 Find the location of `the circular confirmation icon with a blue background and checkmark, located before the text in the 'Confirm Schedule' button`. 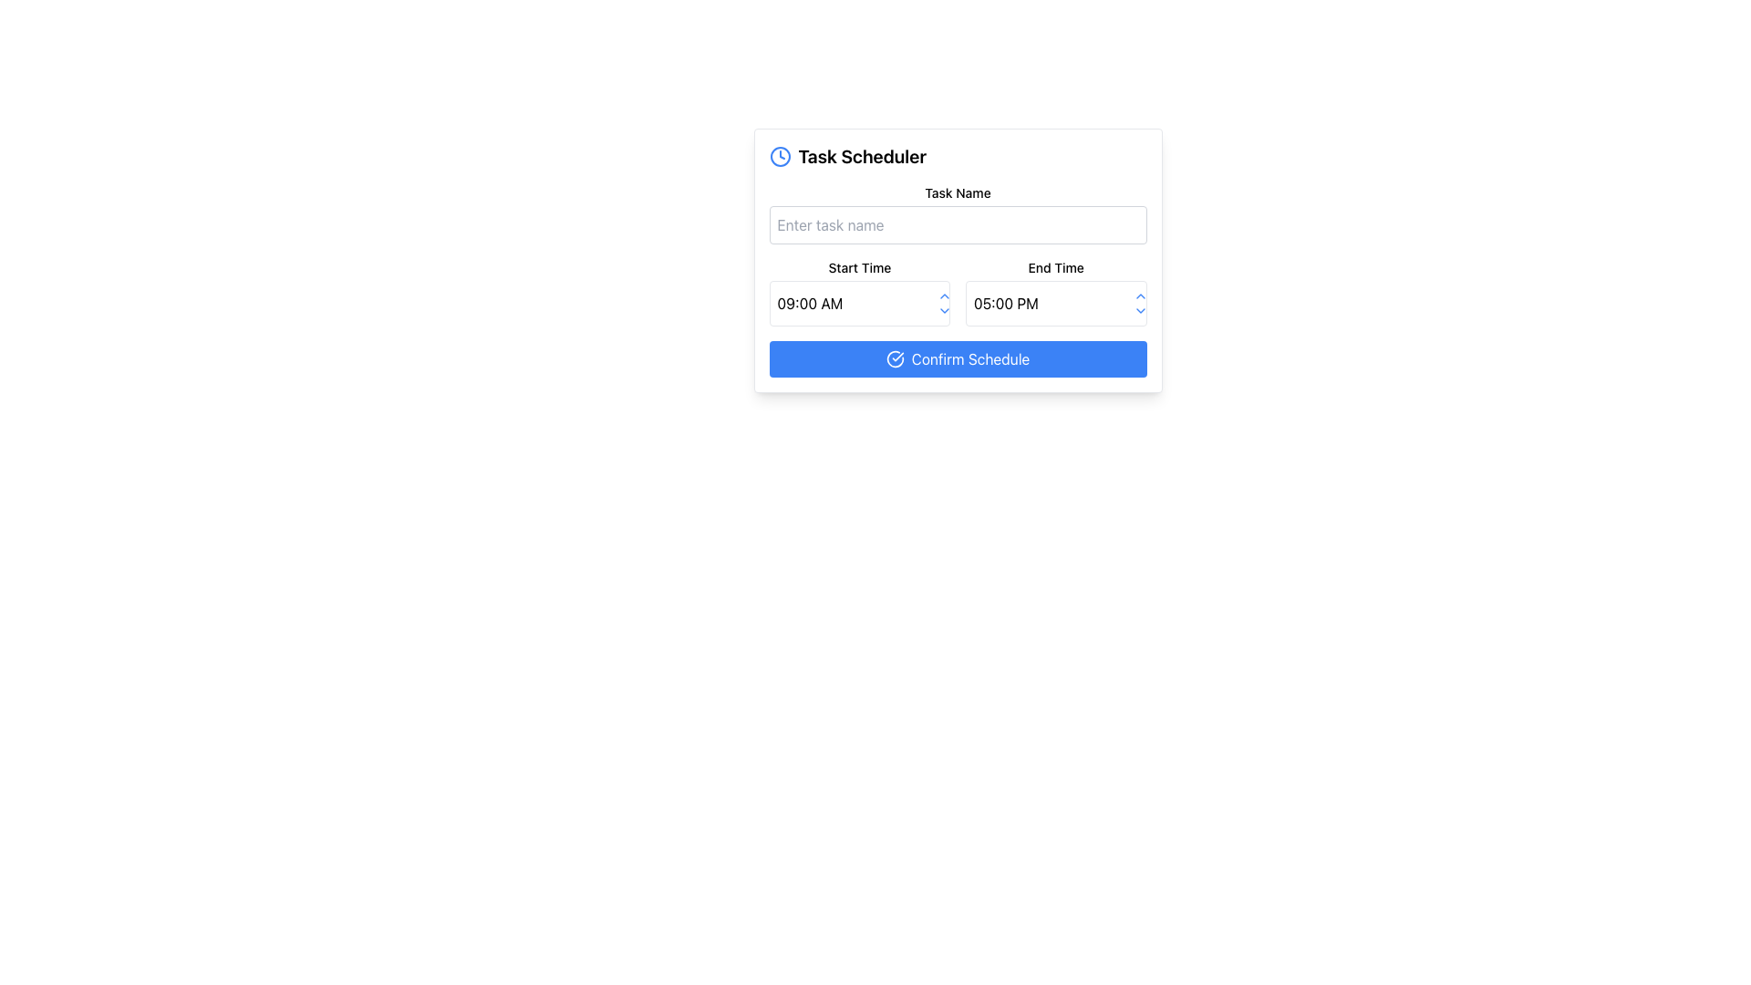

the circular confirmation icon with a blue background and checkmark, located before the text in the 'Confirm Schedule' button is located at coordinates (895, 358).